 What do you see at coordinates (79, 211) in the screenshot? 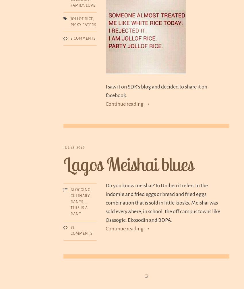
I see `'This is a rant'` at bounding box center [79, 211].